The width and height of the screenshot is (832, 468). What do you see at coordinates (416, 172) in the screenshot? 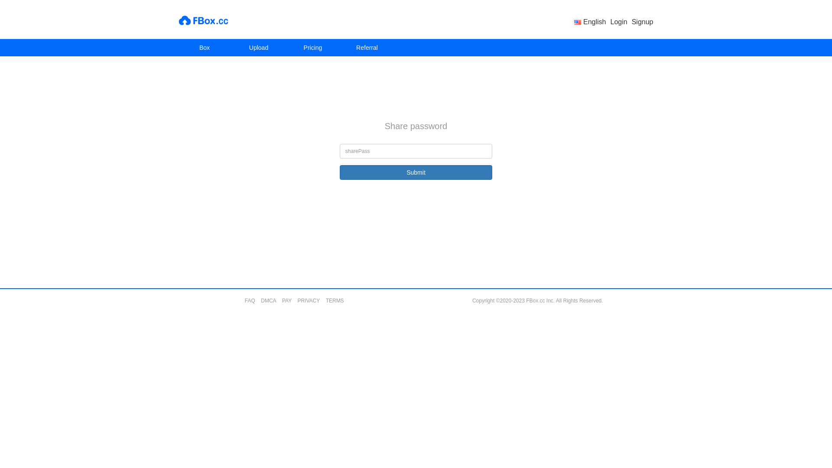
I see `'Submit'` at bounding box center [416, 172].